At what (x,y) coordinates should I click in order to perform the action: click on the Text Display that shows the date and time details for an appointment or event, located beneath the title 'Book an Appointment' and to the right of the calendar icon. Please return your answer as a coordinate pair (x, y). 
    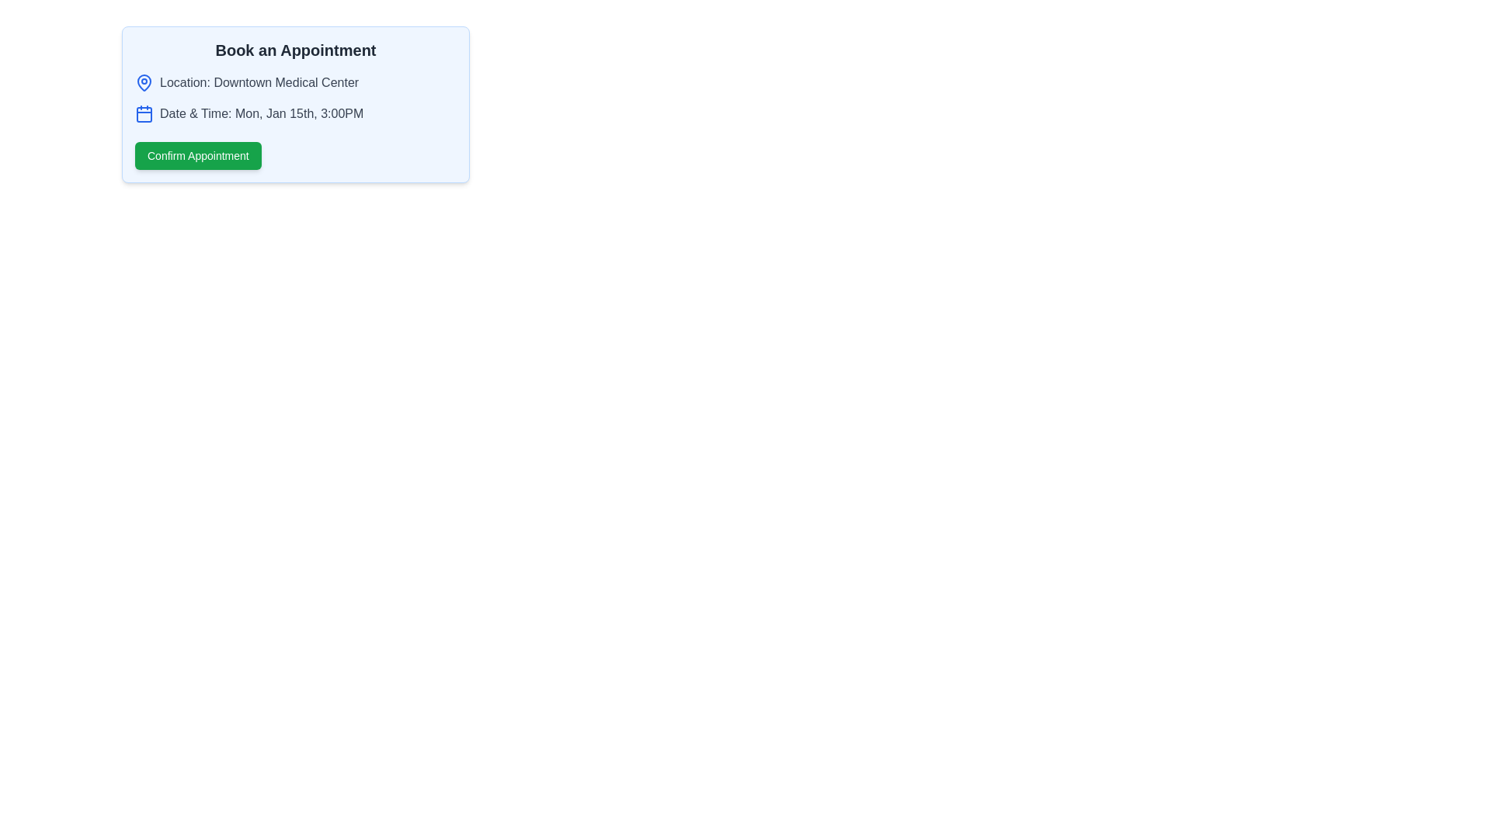
    Looking at the image, I should click on (262, 113).